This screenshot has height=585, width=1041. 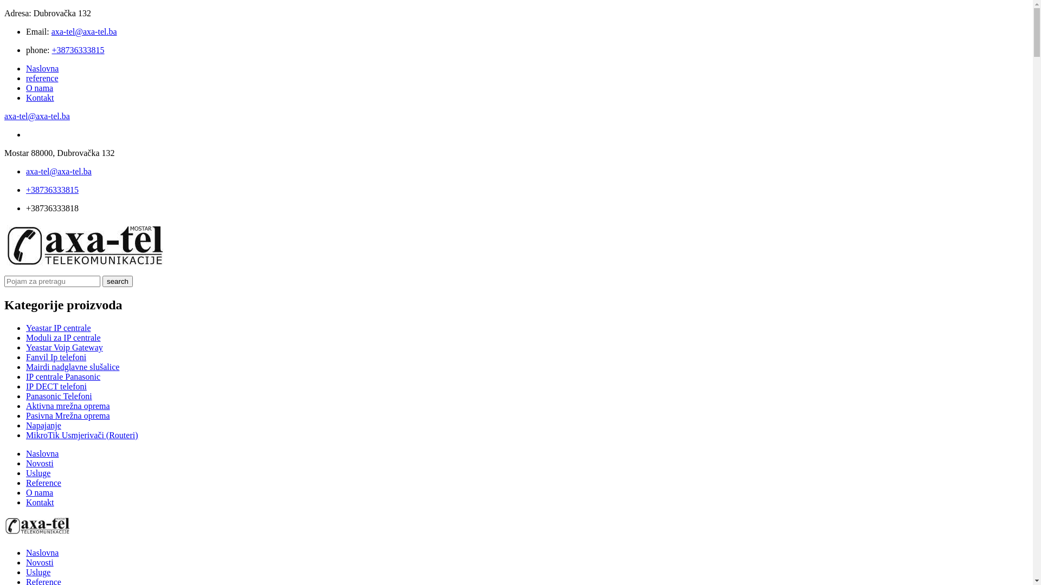 What do you see at coordinates (42, 68) in the screenshot?
I see `'Naslovna'` at bounding box center [42, 68].